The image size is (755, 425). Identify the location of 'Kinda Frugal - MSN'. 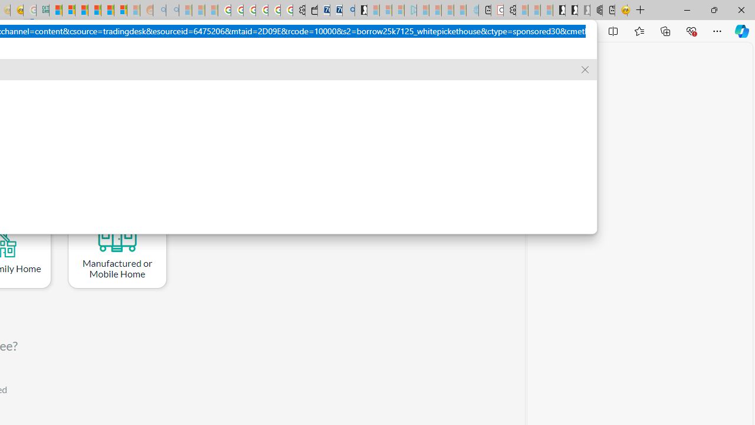
(107, 10).